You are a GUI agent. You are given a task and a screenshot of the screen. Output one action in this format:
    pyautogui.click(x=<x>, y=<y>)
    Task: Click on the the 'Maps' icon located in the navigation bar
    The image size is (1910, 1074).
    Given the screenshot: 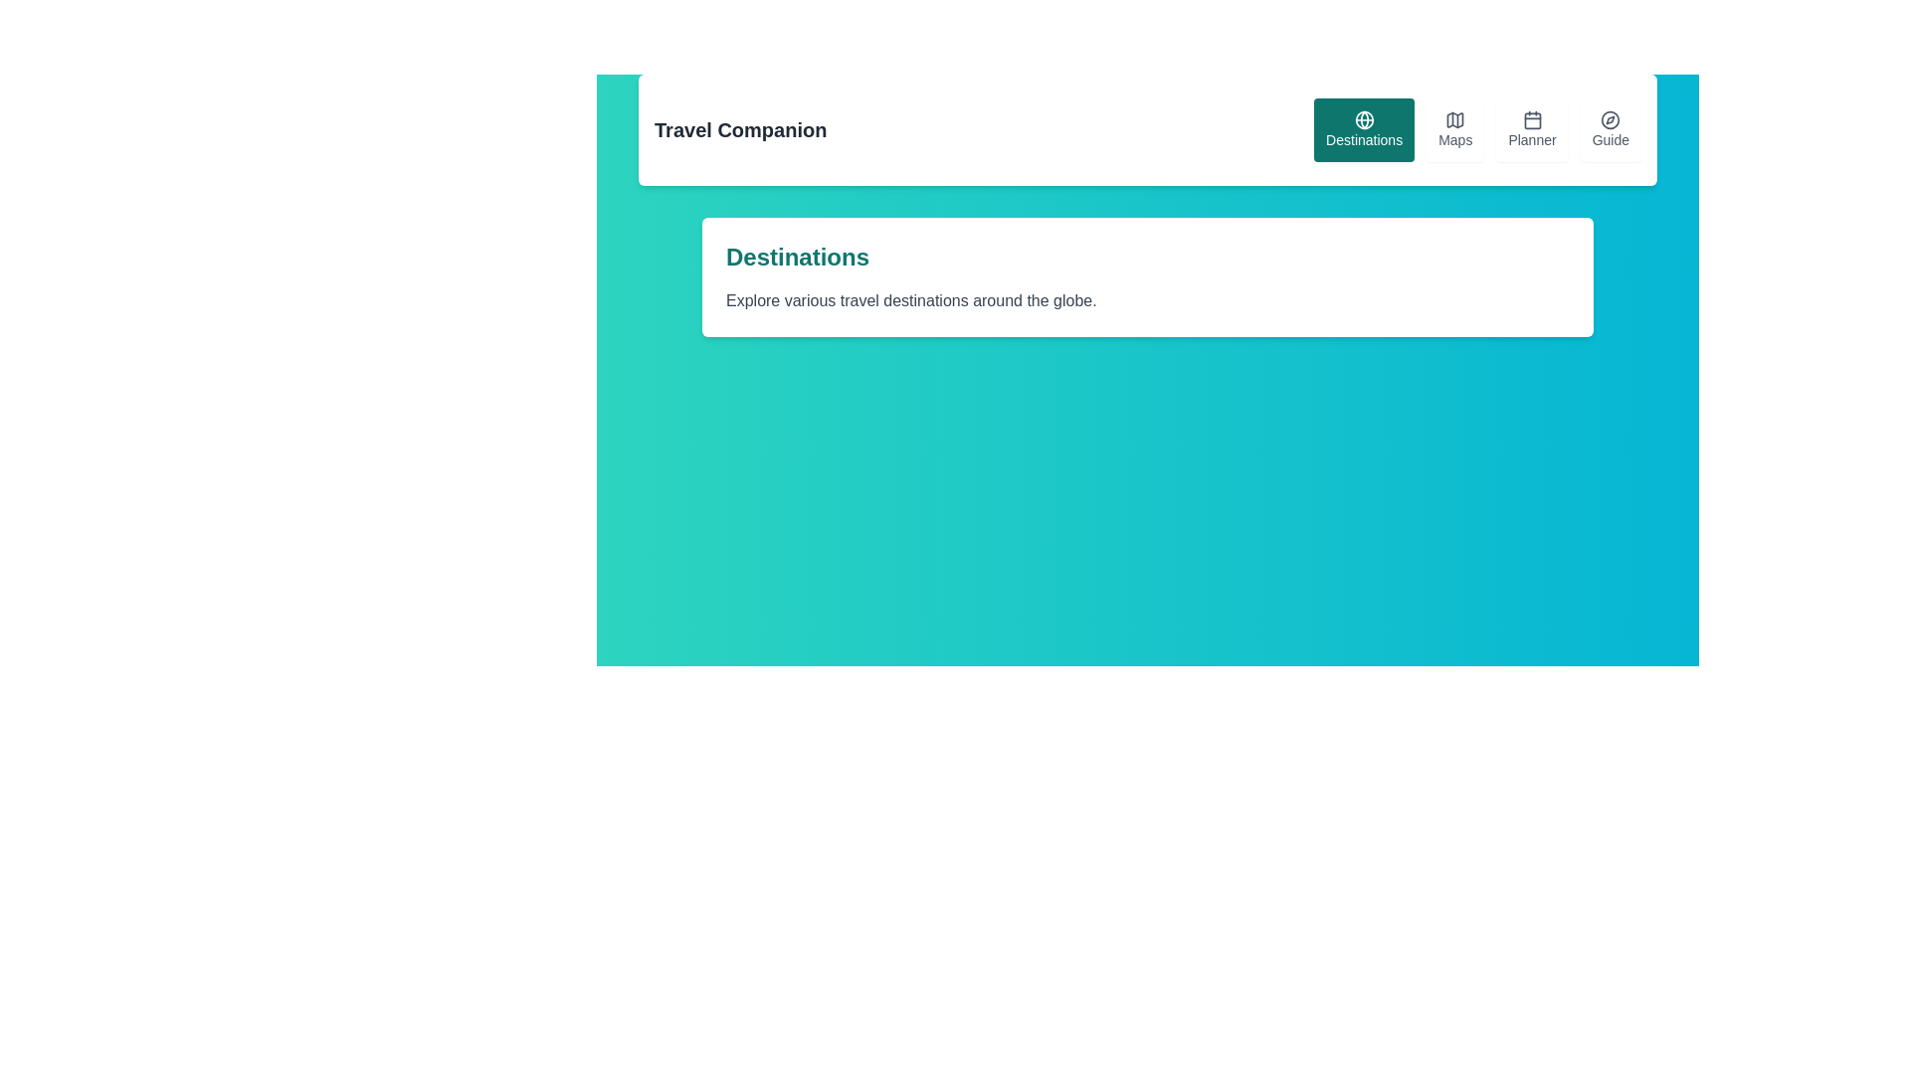 What is the action you would take?
    pyautogui.click(x=1455, y=119)
    